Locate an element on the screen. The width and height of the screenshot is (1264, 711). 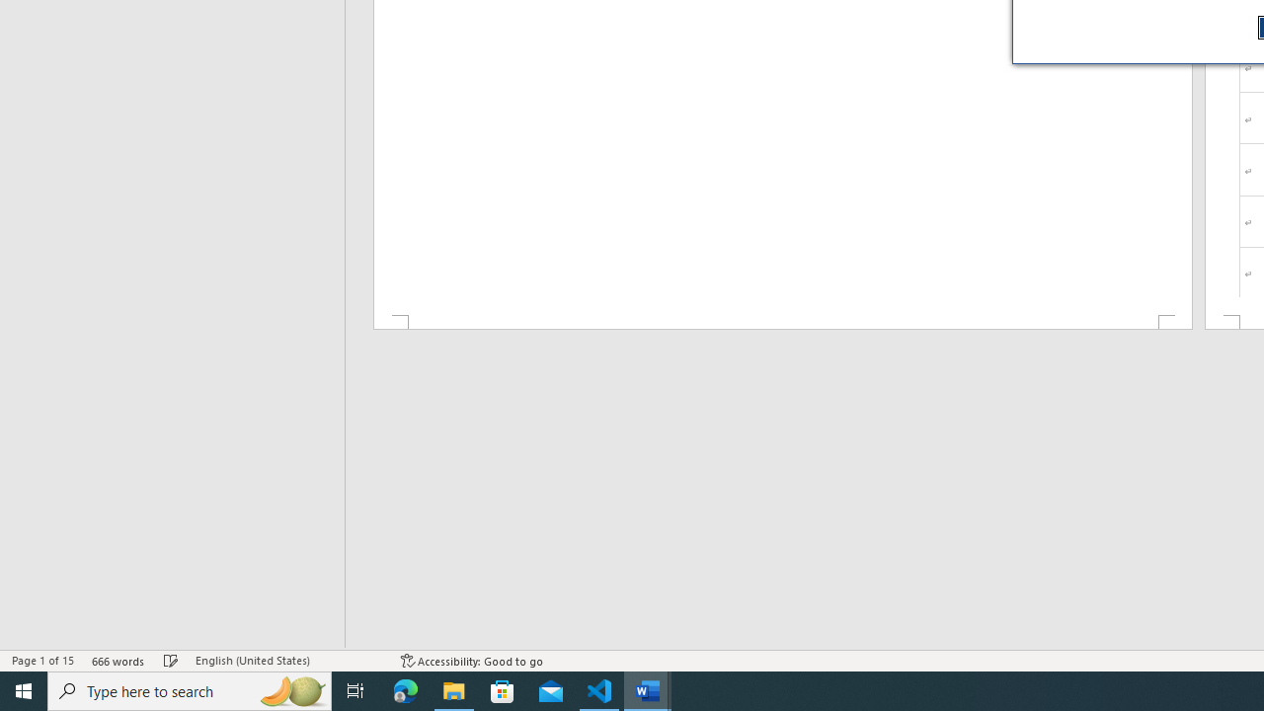
'Type here to search' is located at coordinates (190, 689).